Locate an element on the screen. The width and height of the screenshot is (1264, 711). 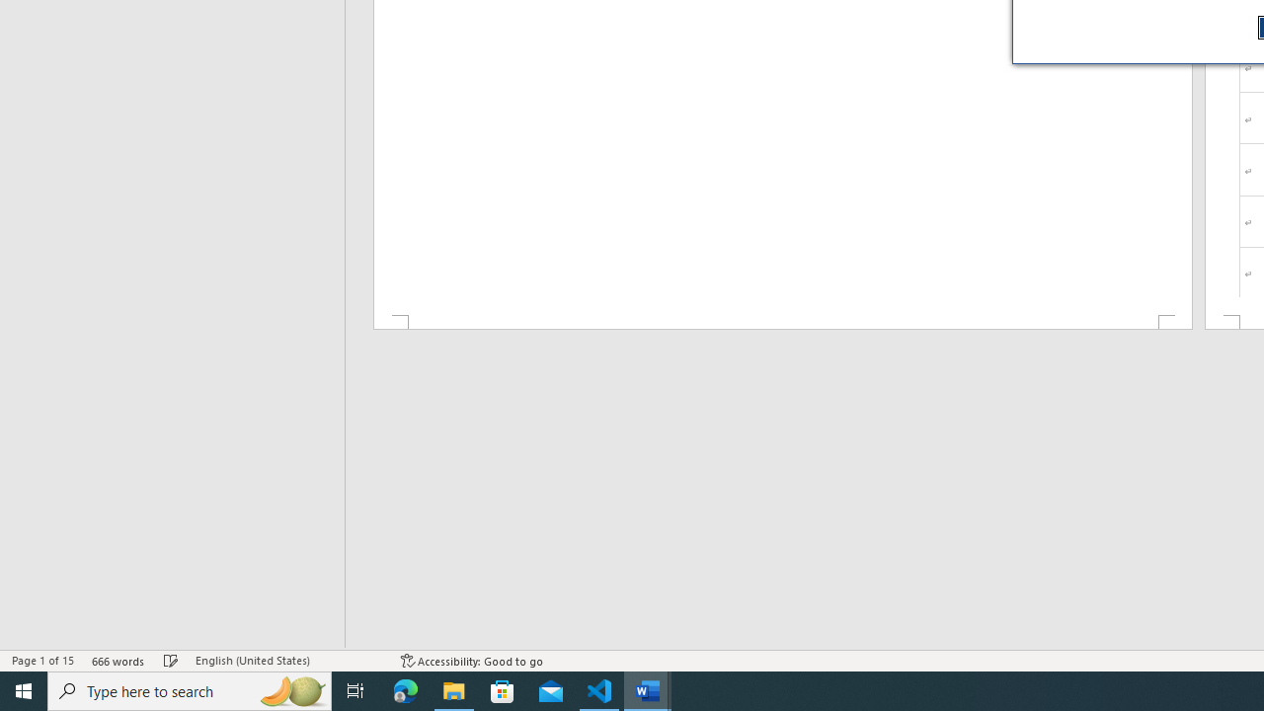
'Type here to search' is located at coordinates (190, 689).